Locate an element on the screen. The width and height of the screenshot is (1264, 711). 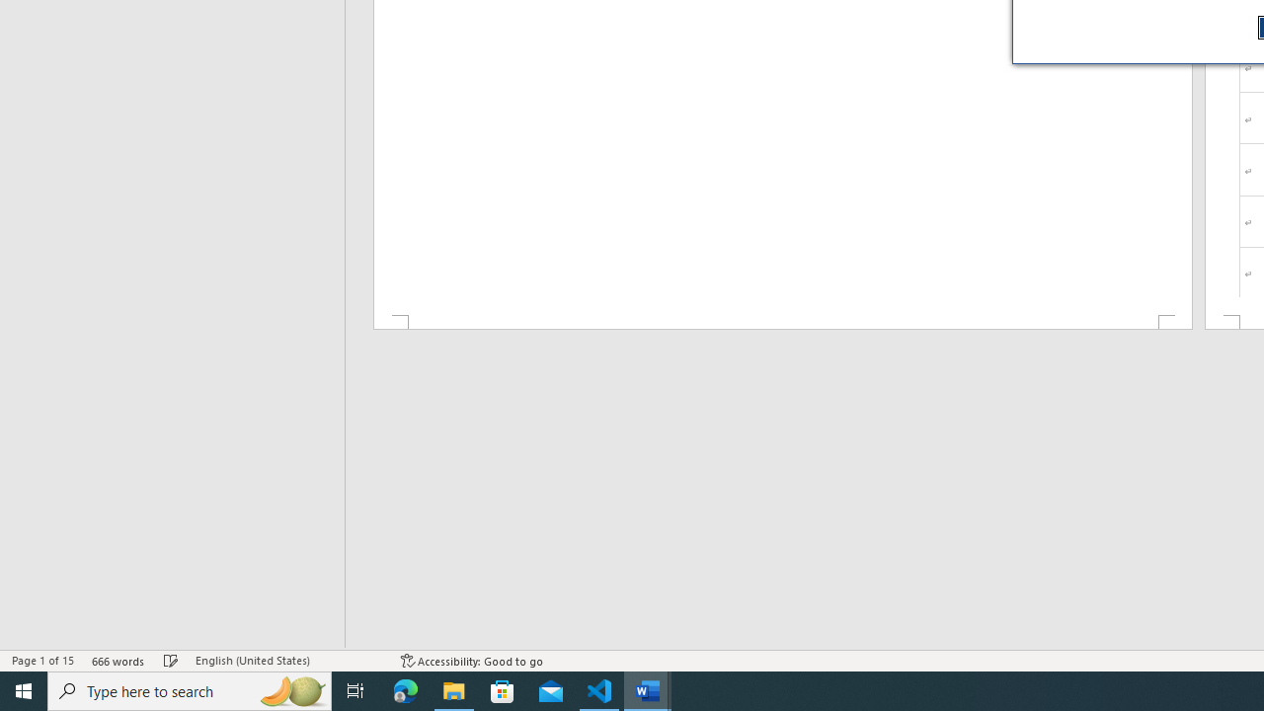
'Type here to search' is located at coordinates (190, 689).